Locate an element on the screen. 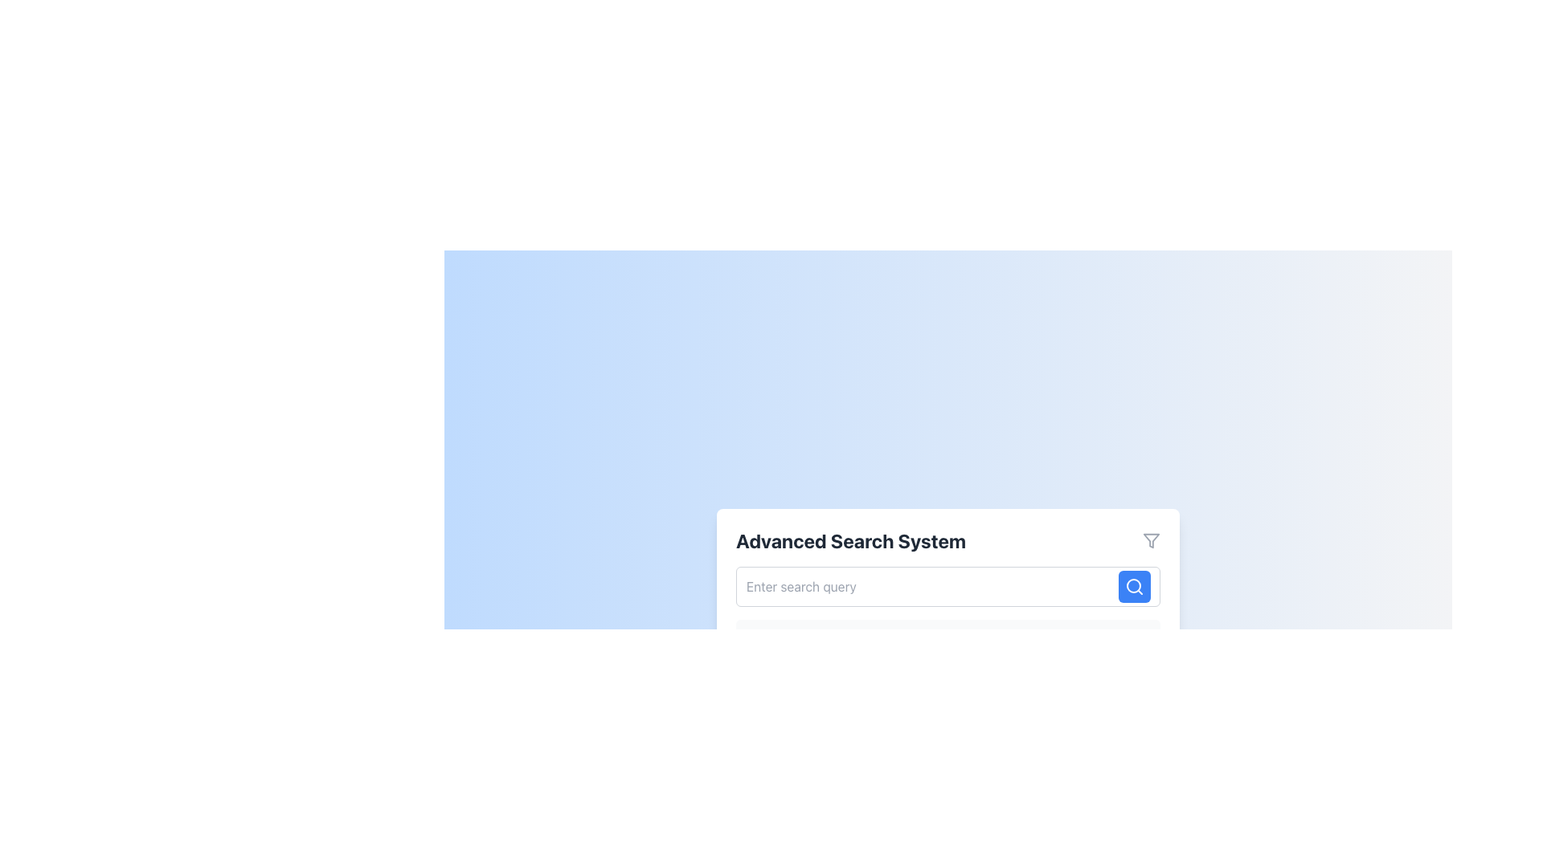 This screenshot has height=867, width=1543. the magnifying glass icon inside the blue button is located at coordinates (1133, 587).